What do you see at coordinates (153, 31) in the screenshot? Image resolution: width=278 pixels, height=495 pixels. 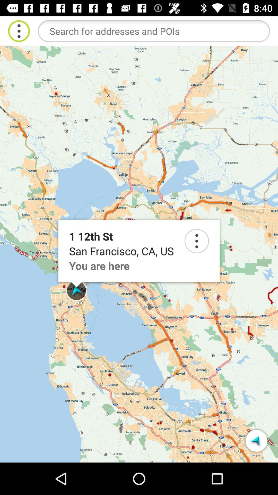 I see `type search text` at bounding box center [153, 31].